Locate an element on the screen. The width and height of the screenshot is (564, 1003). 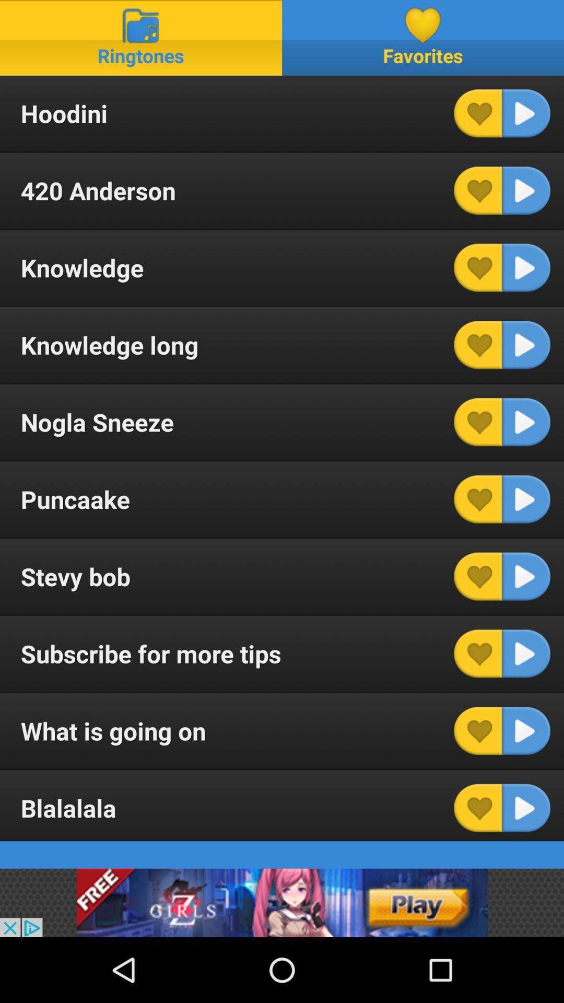
mark favorite is located at coordinates (478, 576).